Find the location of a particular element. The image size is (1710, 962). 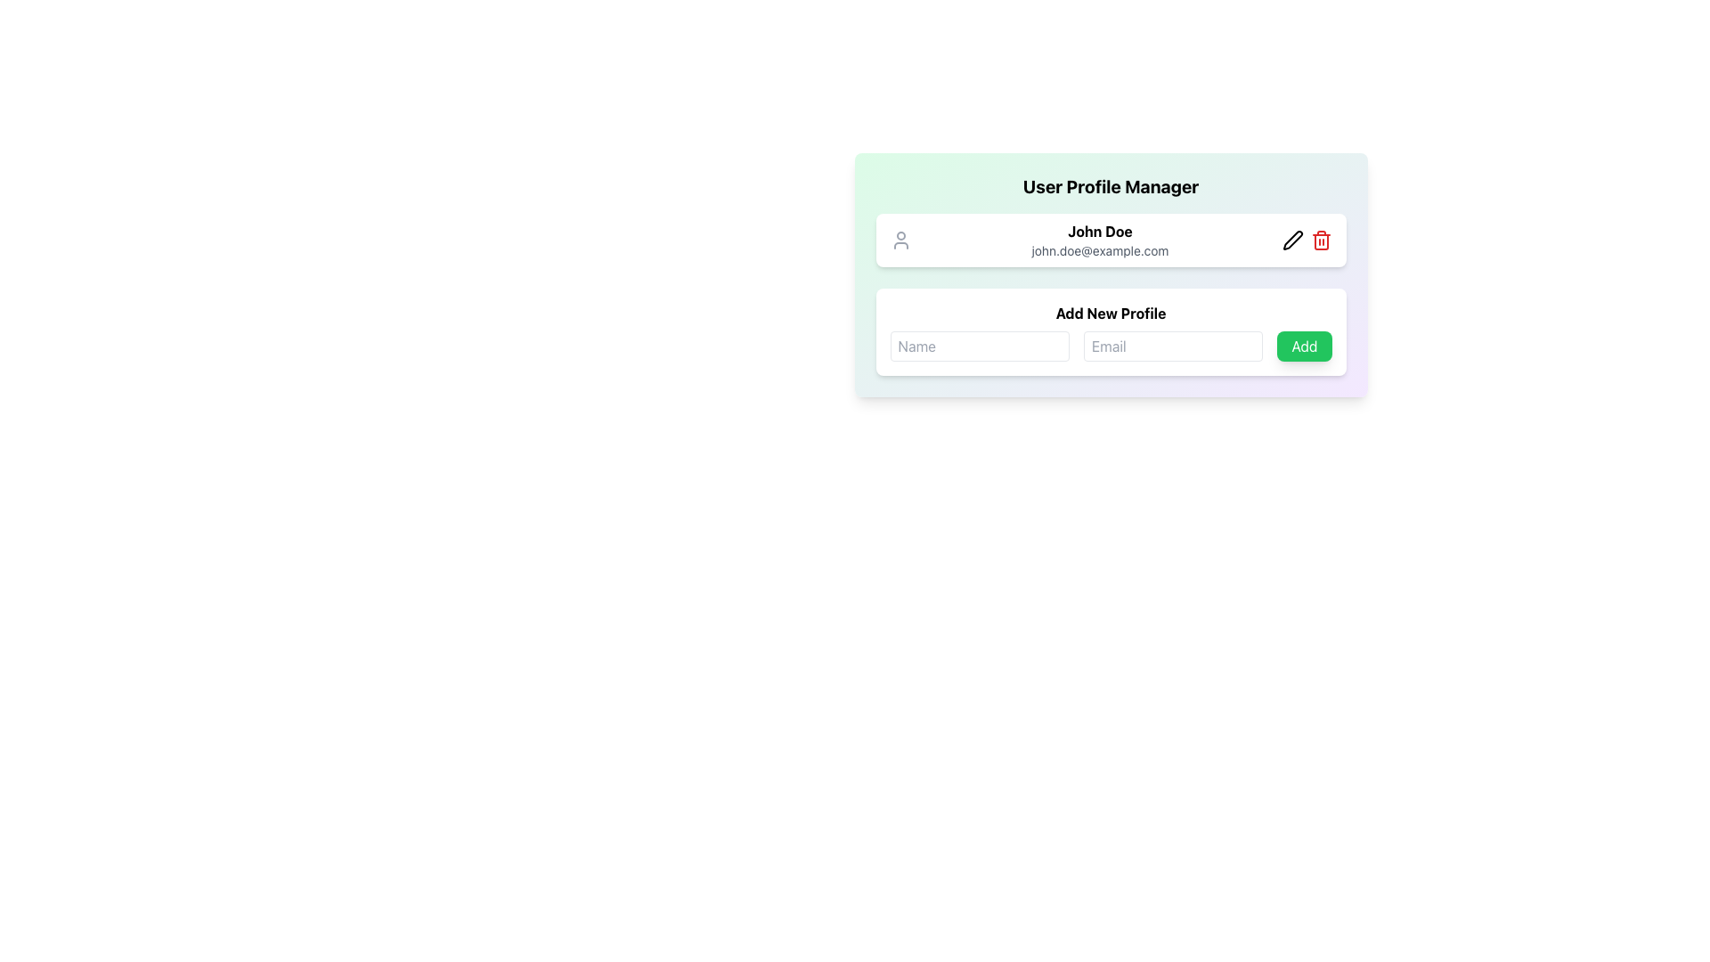

the 'Edit' icon located in the 'User Profile Manager' card, adjacent to John Doe's email address, to initiate editing of the profile is located at coordinates (1292, 240).